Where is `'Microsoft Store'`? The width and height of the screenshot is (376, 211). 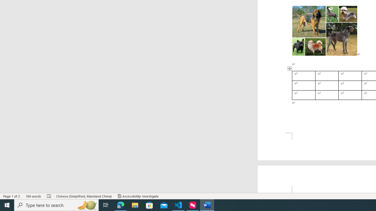 'Microsoft Store' is located at coordinates (150, 205).